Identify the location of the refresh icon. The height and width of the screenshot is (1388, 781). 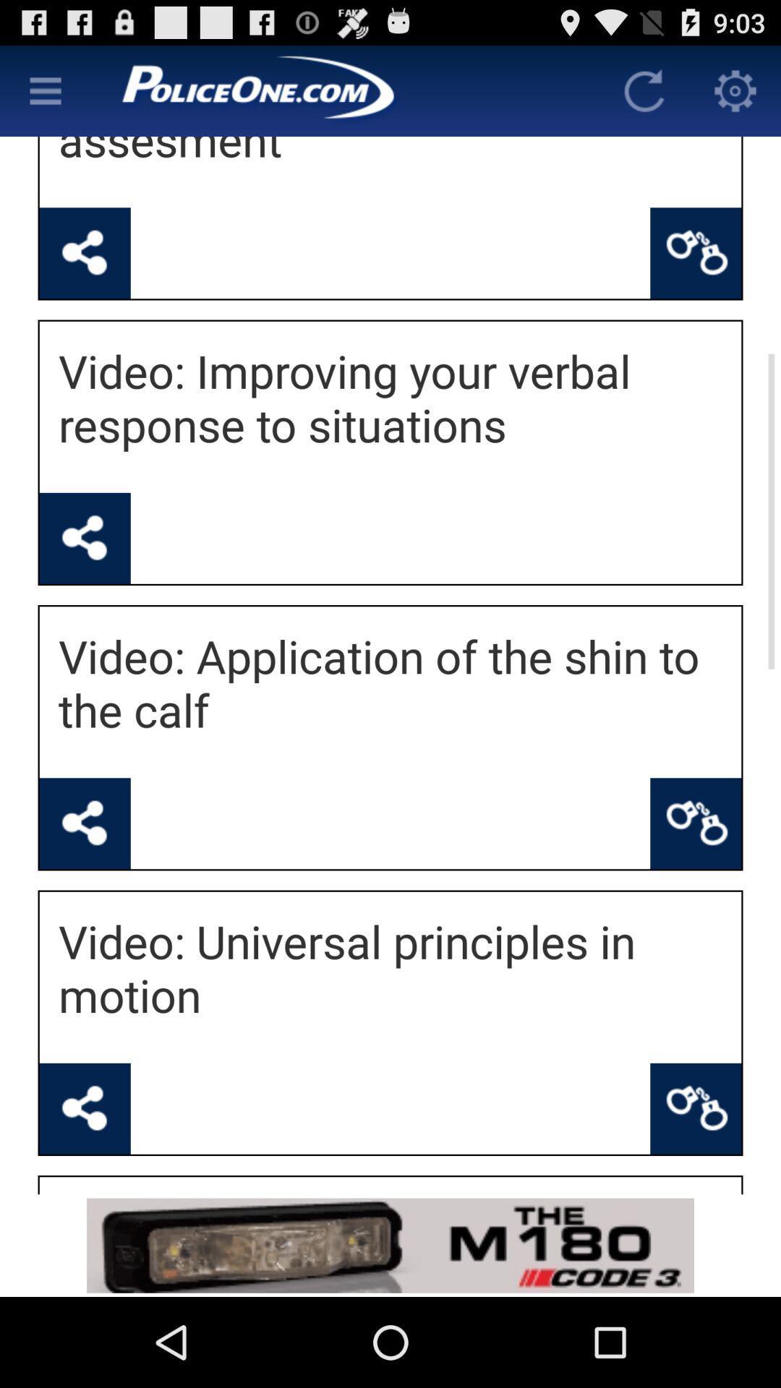
(644, 96).